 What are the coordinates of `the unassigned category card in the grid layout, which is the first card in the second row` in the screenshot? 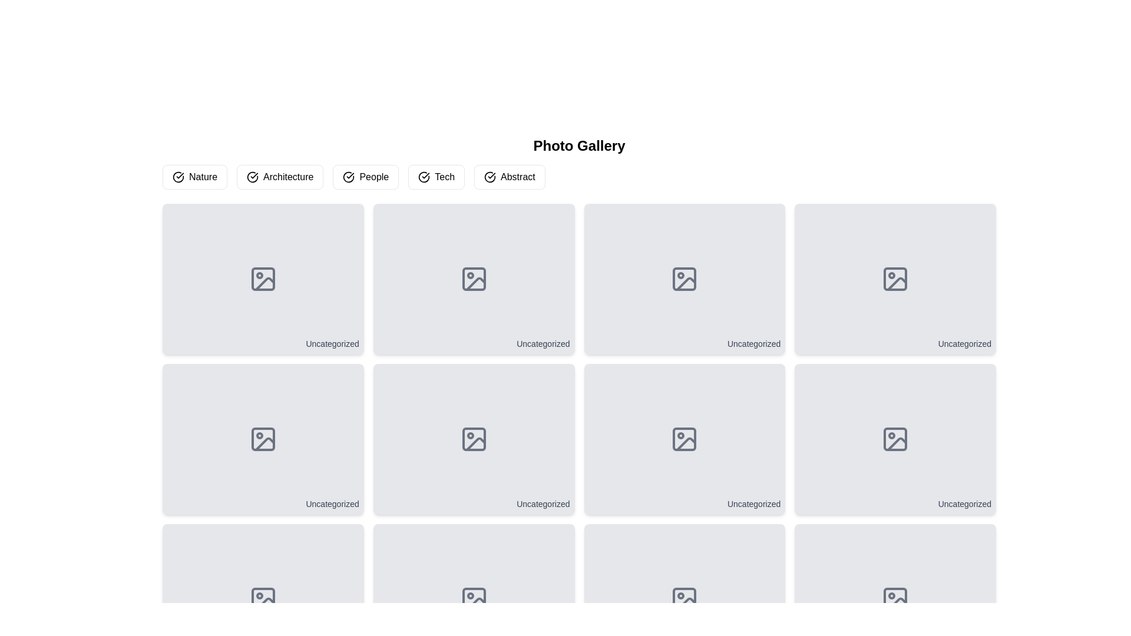 It's located at (262, 439).